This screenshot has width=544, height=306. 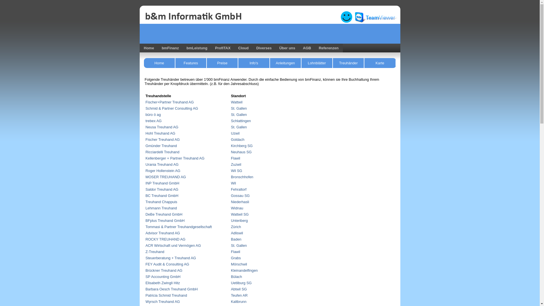 What do you see at coordinates (158, 48) in the screenshot?
I see `'bmFinanz'` at bounding box center [158, 48].